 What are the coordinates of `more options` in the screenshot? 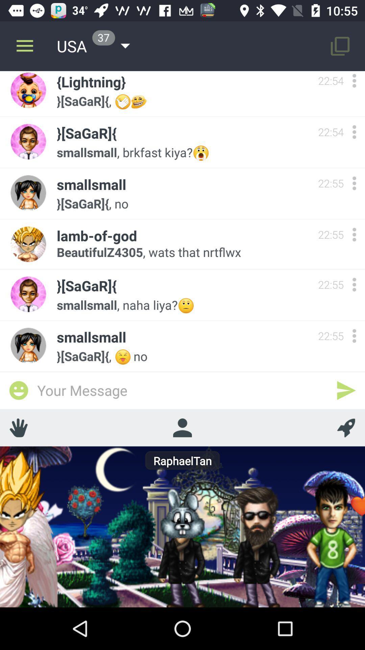 It's located at (354, 234).